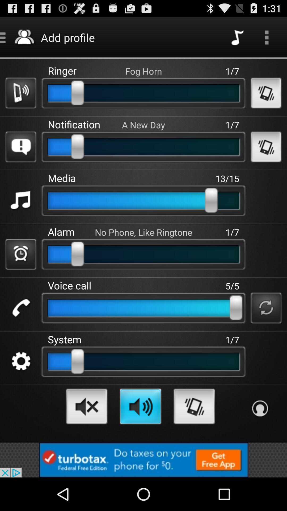 This screenshot has height=511, width=287. What do you see at coordinates (20, 157) in the screenshot?
I see `the warning icon` at bounding box center [20, 157].